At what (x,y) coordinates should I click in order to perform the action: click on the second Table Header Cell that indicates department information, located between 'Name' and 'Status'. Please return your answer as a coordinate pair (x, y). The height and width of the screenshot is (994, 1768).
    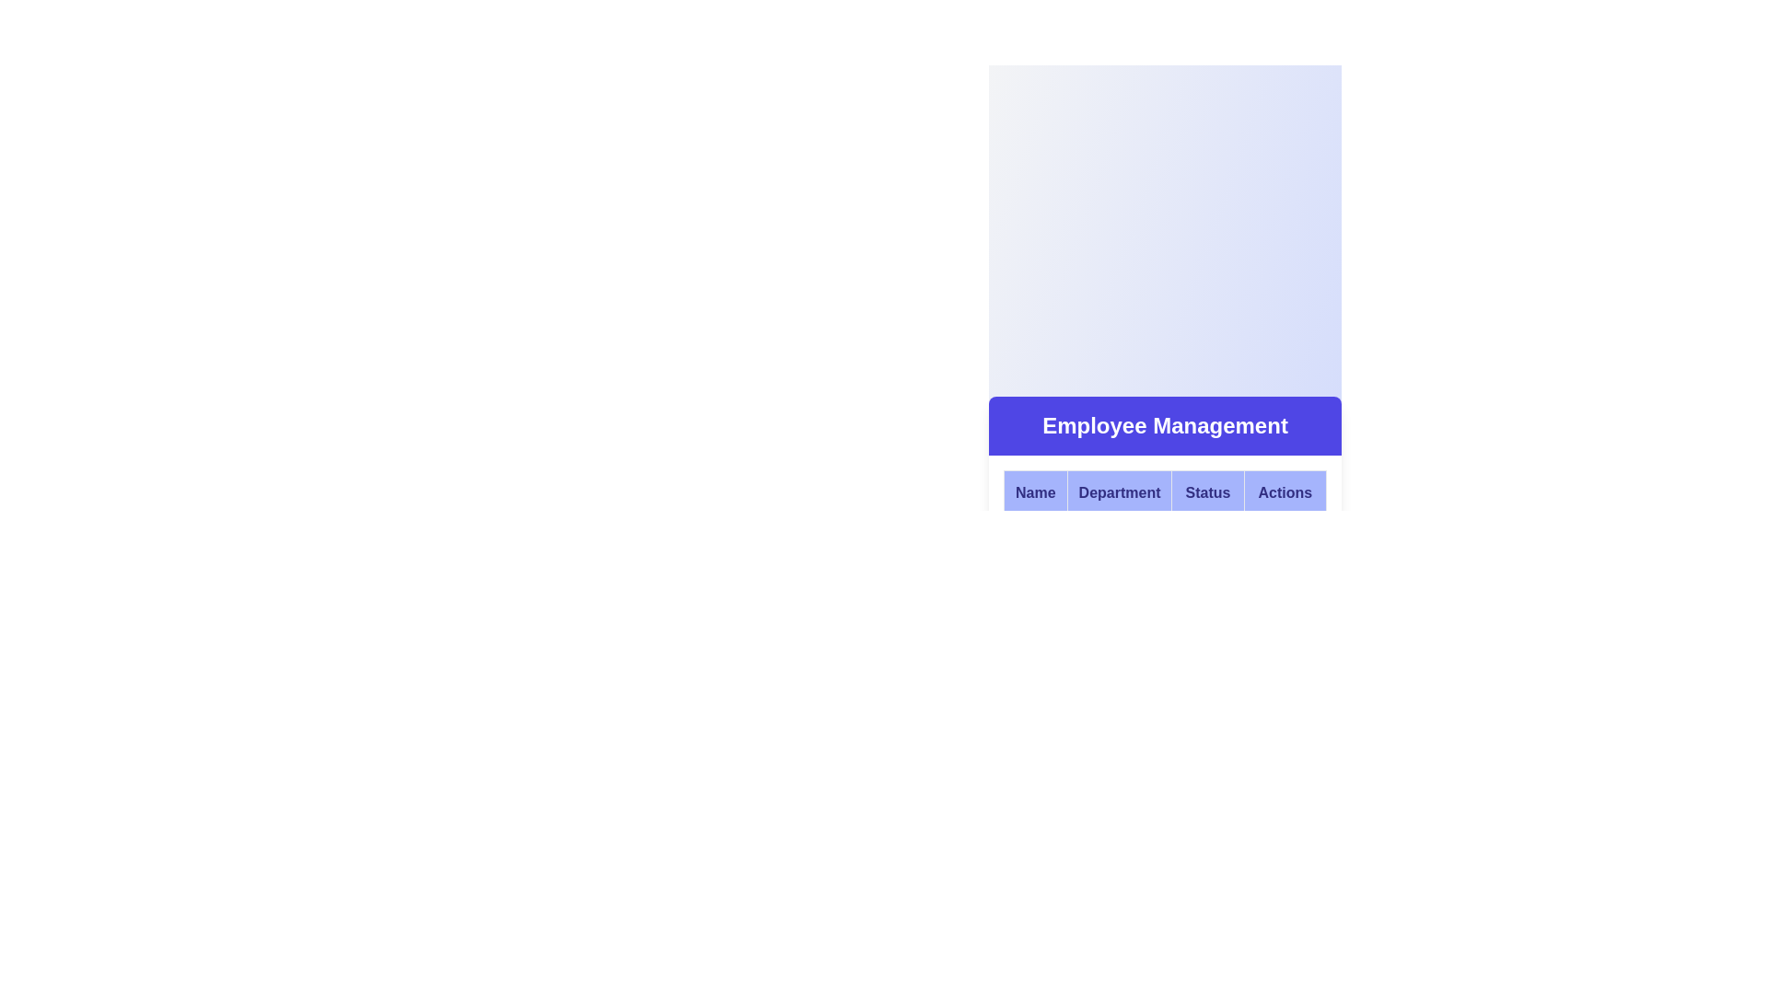
    Looking at the image, I should click on (1118, 491).